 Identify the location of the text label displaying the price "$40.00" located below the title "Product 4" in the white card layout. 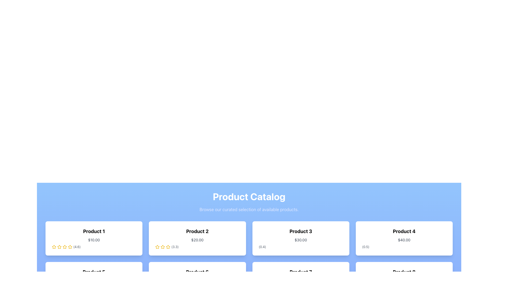
(404, 240).